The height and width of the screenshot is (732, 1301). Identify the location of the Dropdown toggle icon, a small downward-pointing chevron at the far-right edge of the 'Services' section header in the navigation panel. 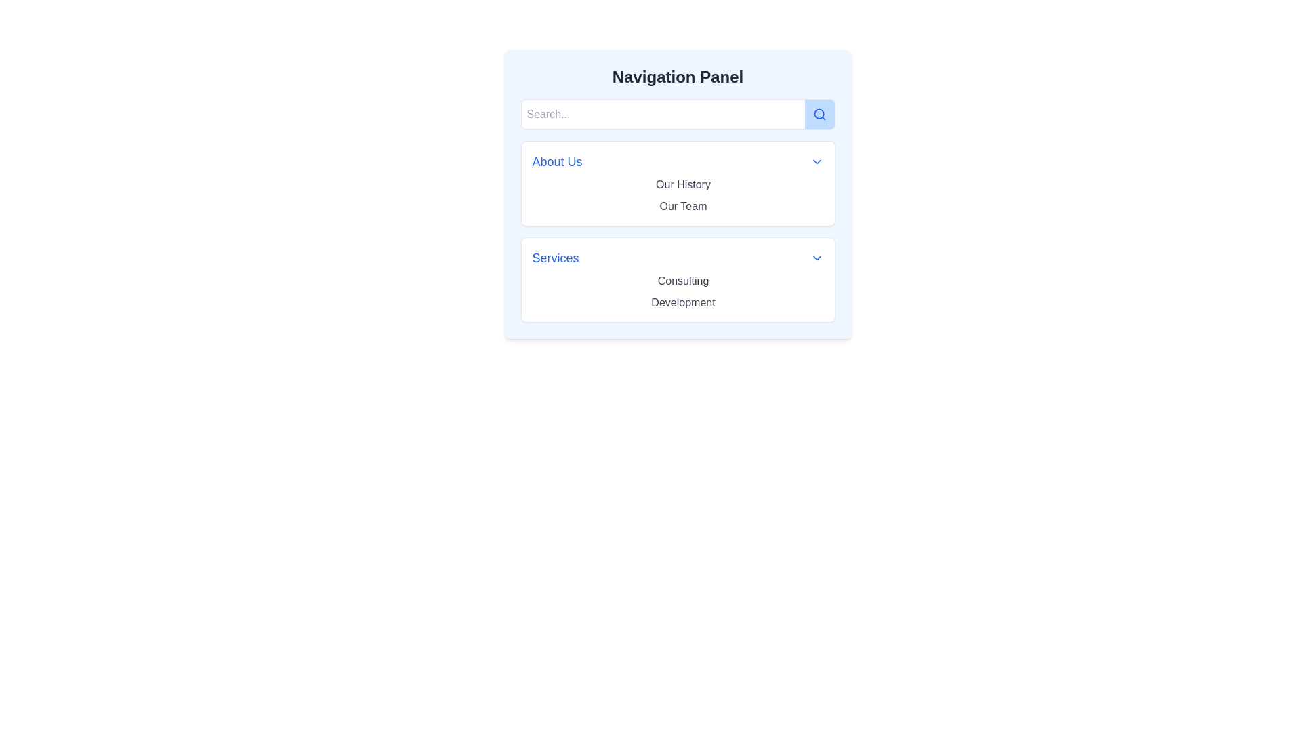
(816, 258).